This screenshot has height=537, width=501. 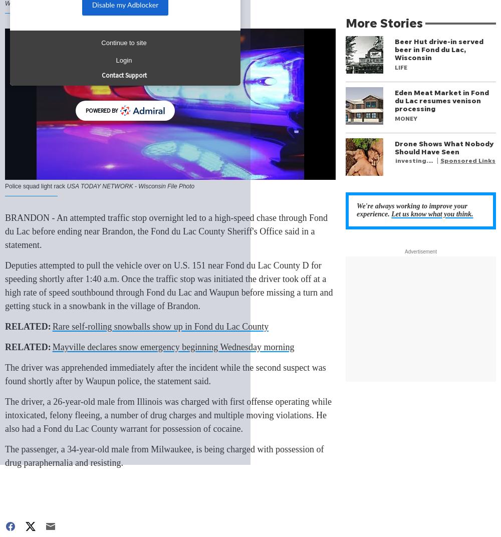 What do you see at coordinates (164, 456) in the screenshot?
I see `'The passenger, a 34-year-old male from Milwaukee, is being charged with possession of drug paraphernalia and resisting.'` at bounding box center [164, 456].